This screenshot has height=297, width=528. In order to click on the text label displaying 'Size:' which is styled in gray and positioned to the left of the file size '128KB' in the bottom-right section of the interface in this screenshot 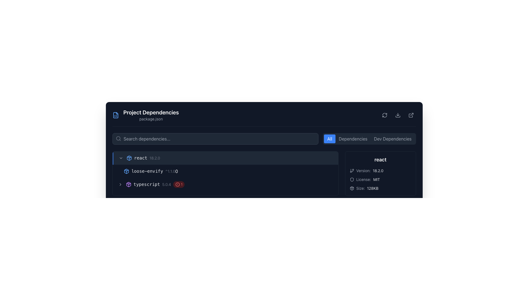, I will do `click(360, 188)`.